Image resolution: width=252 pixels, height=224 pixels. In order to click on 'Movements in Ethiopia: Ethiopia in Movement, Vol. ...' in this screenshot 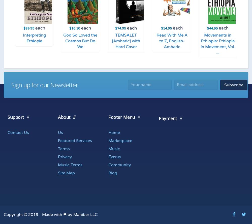, I will do `click(217, 44)`.